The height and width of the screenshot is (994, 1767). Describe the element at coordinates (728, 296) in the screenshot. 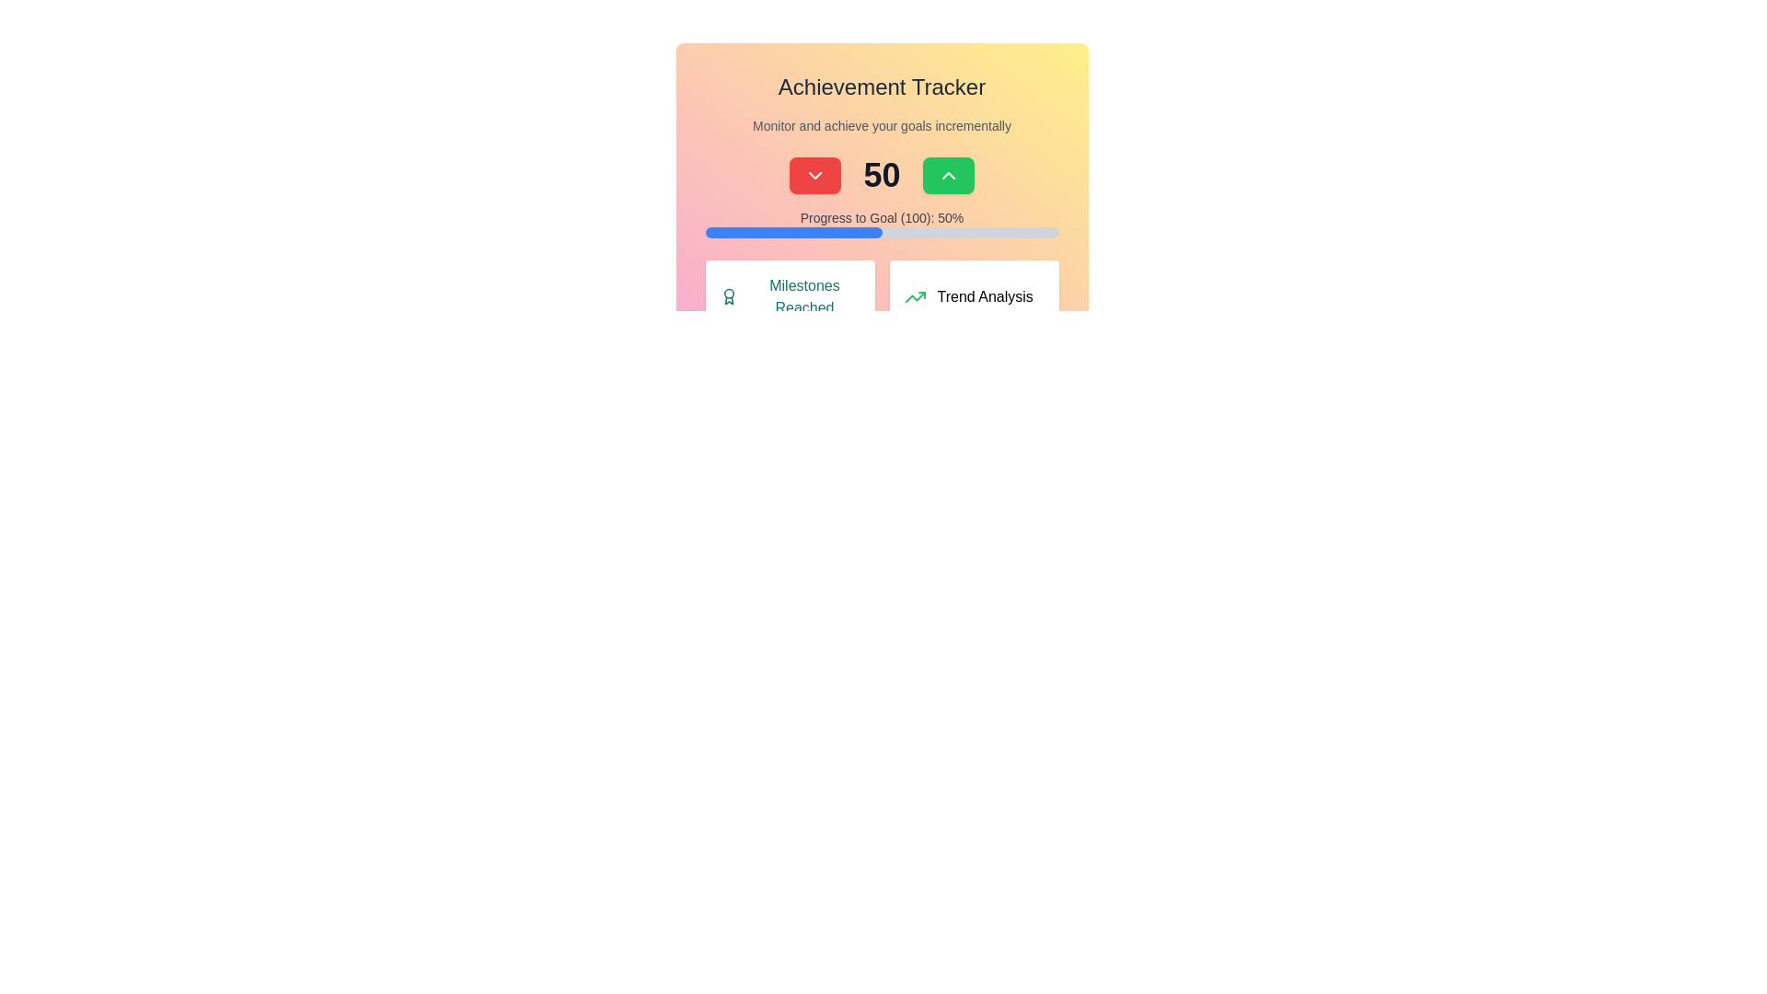

I see `icon located at the top-left corner of the 'Milestones Reached' section, which visually highlights milestones` at that location.